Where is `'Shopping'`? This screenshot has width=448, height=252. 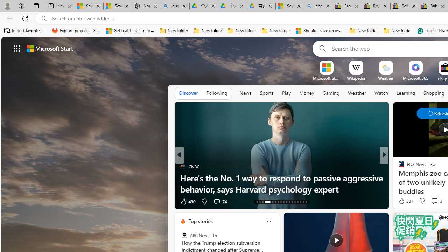 'Shopping' is located at coordinates (434, 93).